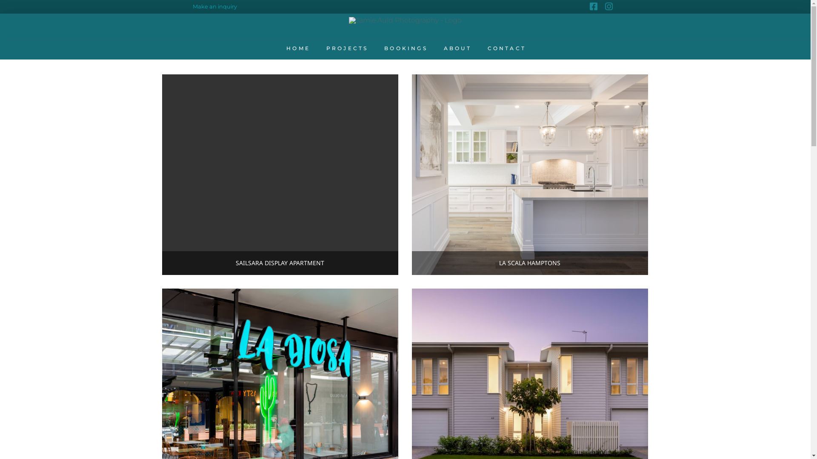 The height and width of the screenshot is (459, 817). I want to click on 'PROJECTS', so click(317, 49).